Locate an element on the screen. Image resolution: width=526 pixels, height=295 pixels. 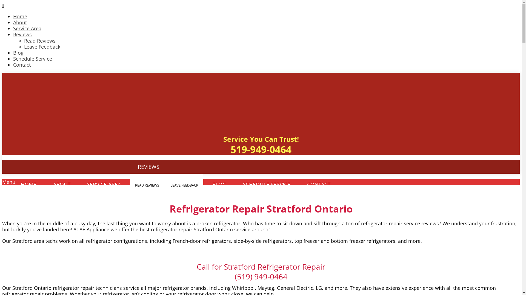
'SERVICE AREA' is located at coordinates (104, 184).